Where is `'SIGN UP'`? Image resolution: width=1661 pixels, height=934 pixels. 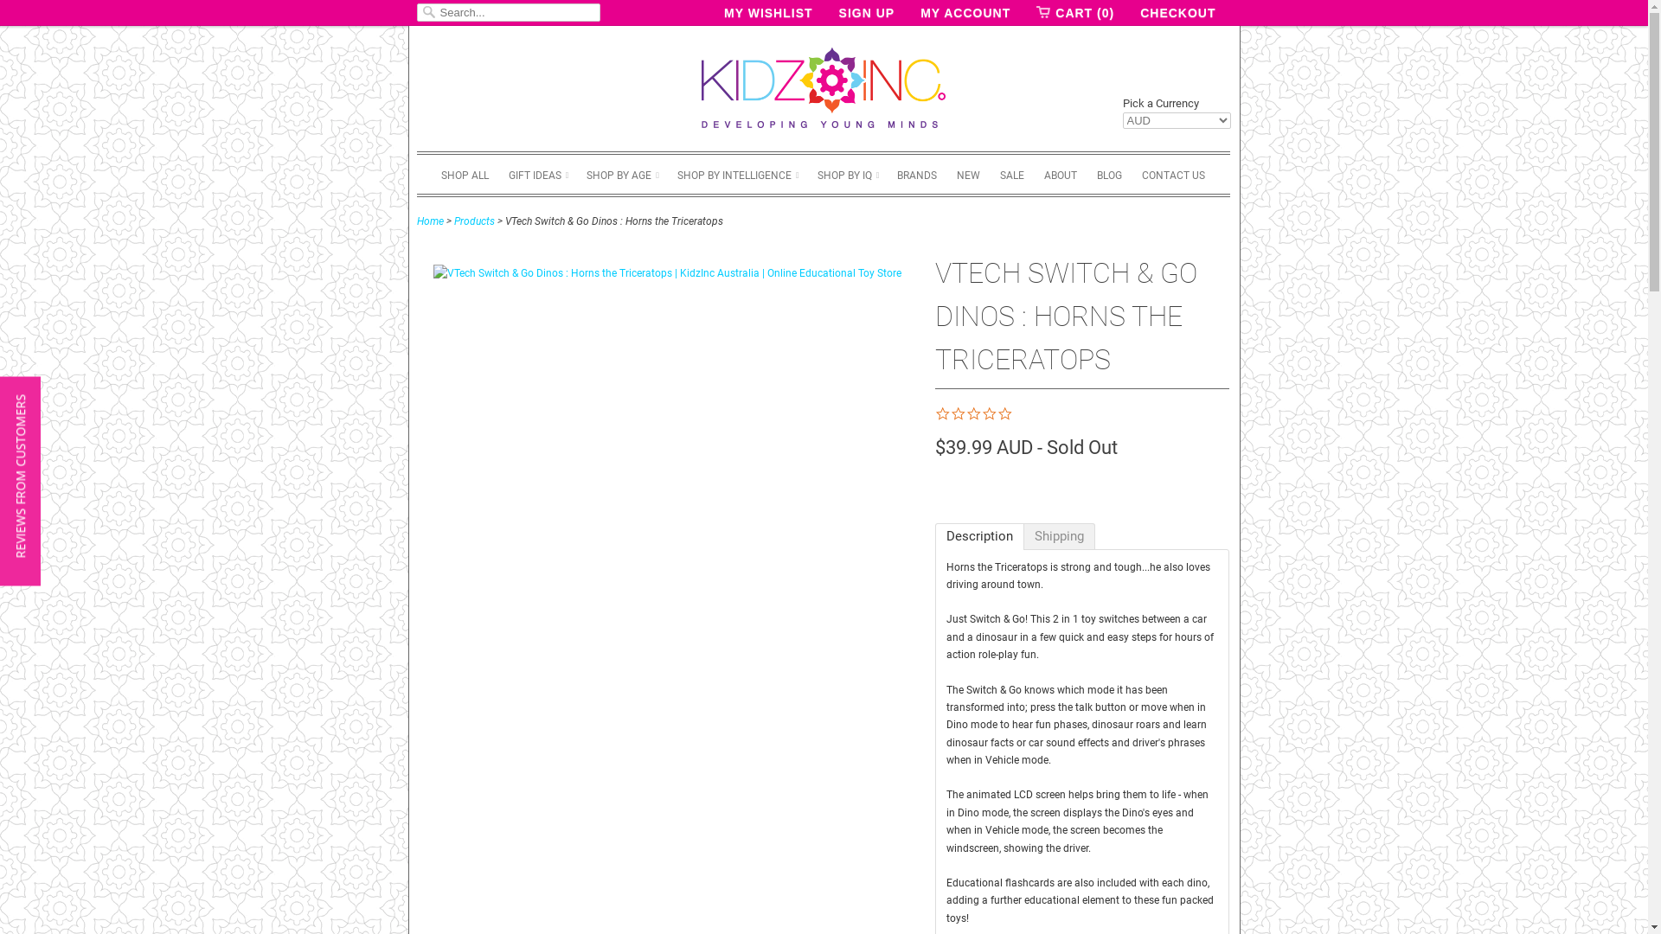
'SIGN UP' is located at coordinates (867, 13).